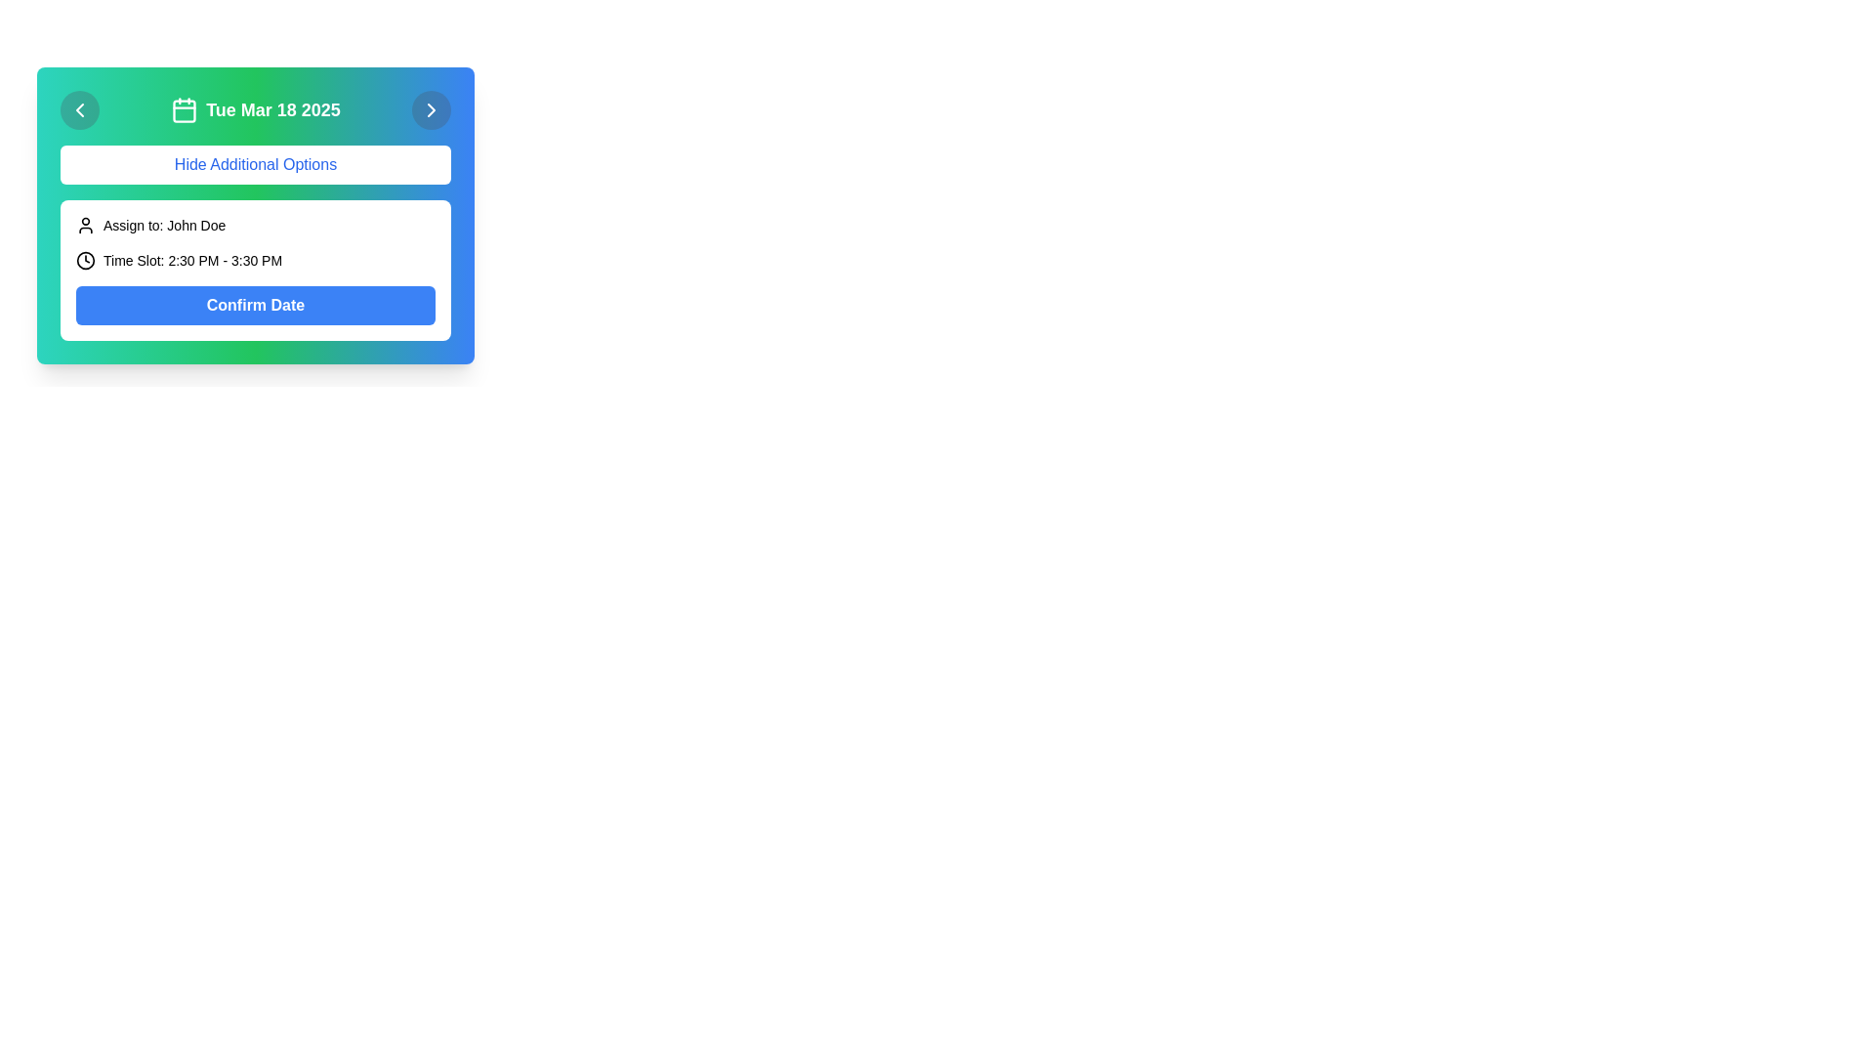  Describe the element at coordinates (84, 225) in the screenshot. I see `the user icon that represents 'Assign to: John Doe', located to the left of the text within a white card area` at that location.